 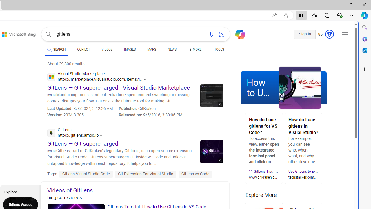 What do you see at coordinates (238, 34) in the screenshot?
I see `'Chat'` at bounding box center [238, 34].